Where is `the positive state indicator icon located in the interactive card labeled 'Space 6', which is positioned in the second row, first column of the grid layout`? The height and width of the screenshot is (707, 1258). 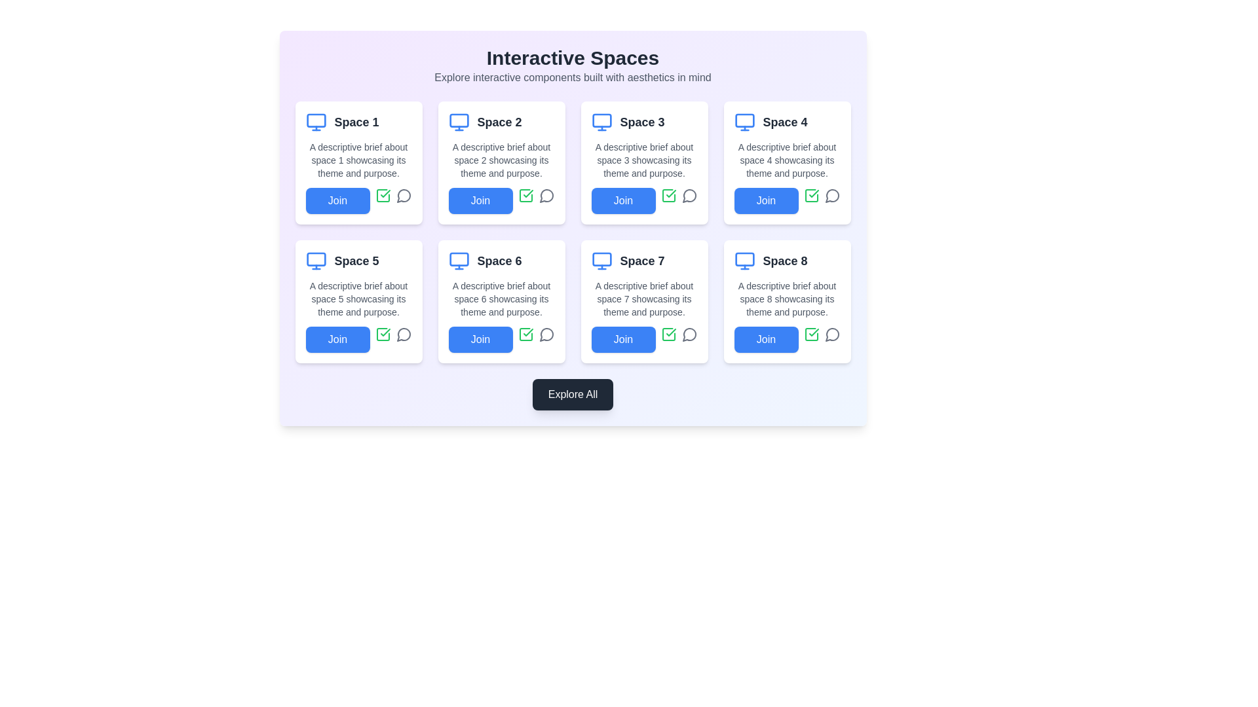 the positive state indicator icon located in the interactive card labeled 'Space 6', which is positioned in the second row, first column of the grid layout is located at coordinates (385, 332).